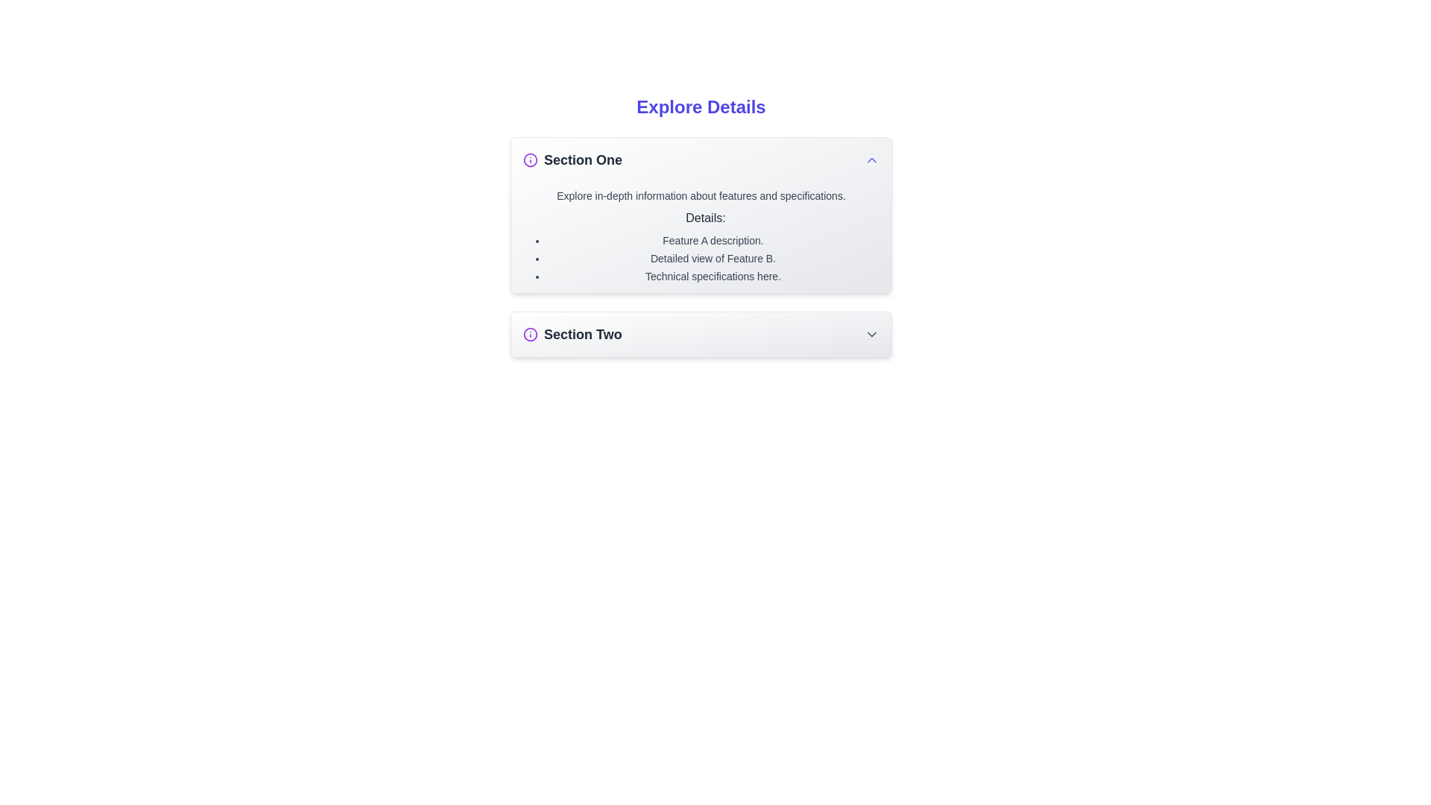 The image size is (1431, 805). What do you see at coordinates (700, 195) in the screenshot?
I see `the introductory headline text located beneath the 'Section One' heading` at bounding box center [700, 195].